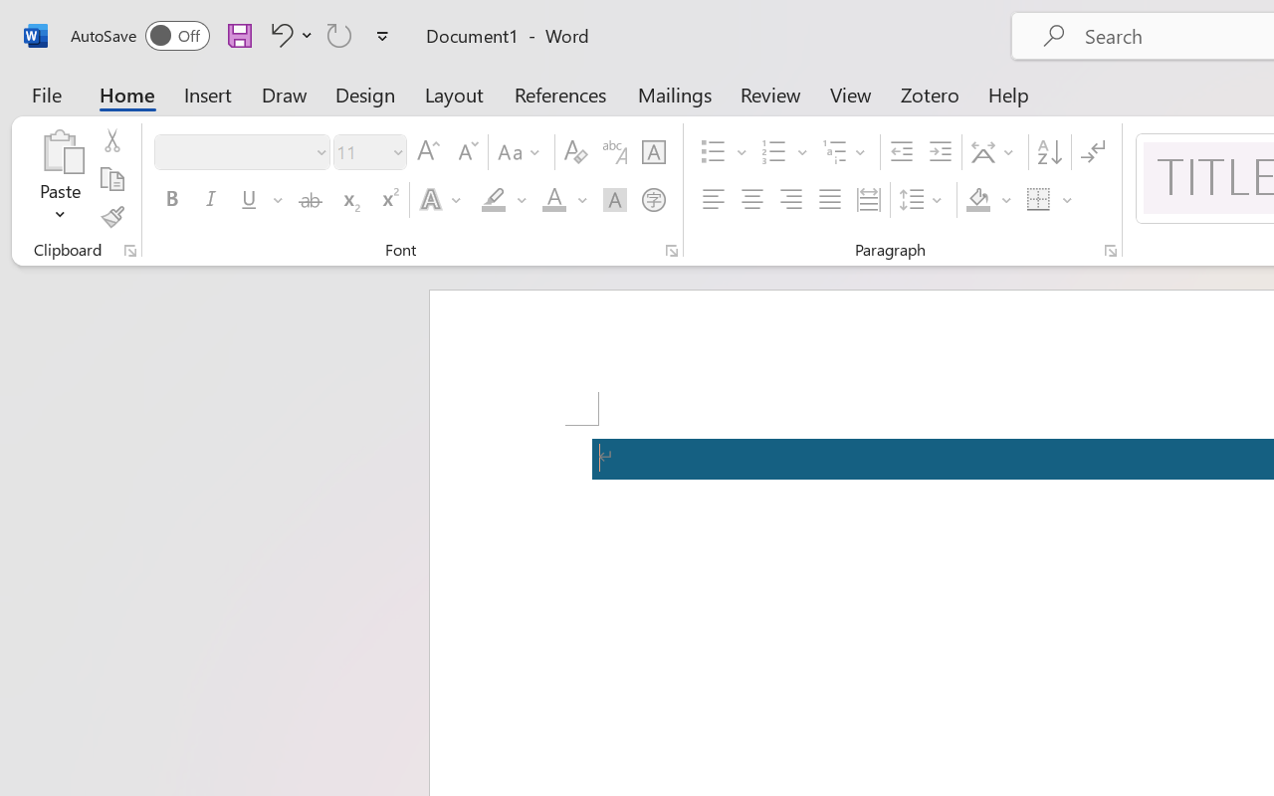  I want to click on 'Font Color RGB(255, 0, 0)', so click(553, 200).